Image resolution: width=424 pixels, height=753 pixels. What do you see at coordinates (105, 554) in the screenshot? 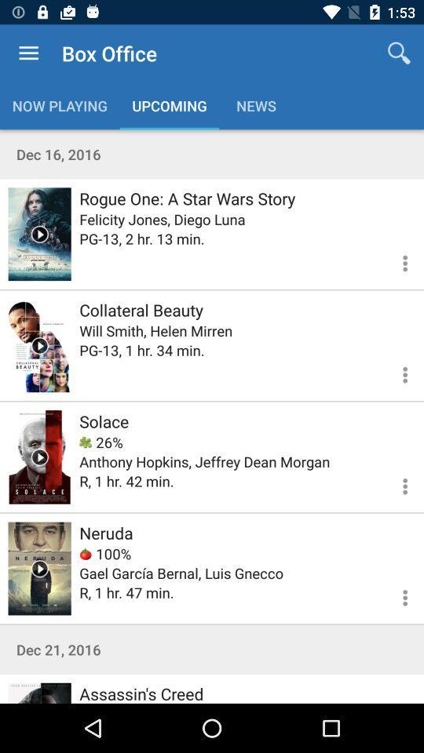
I see `the 100% item` at bounding box center [105, 554].